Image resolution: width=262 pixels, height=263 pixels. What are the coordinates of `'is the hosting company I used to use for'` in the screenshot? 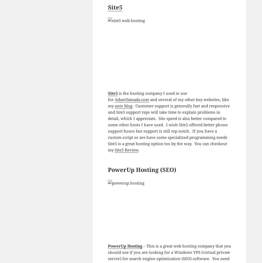 It's located at (147, 96).